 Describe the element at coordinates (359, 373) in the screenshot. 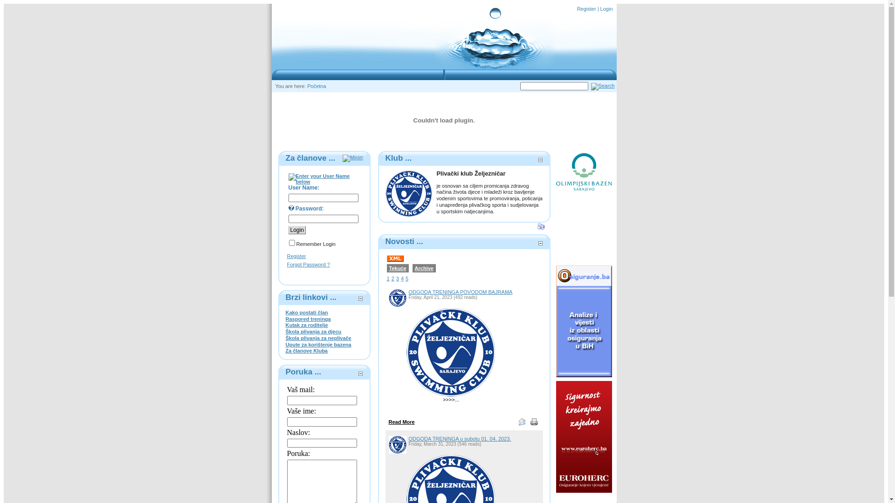

I see `'Minimize'` at that location.